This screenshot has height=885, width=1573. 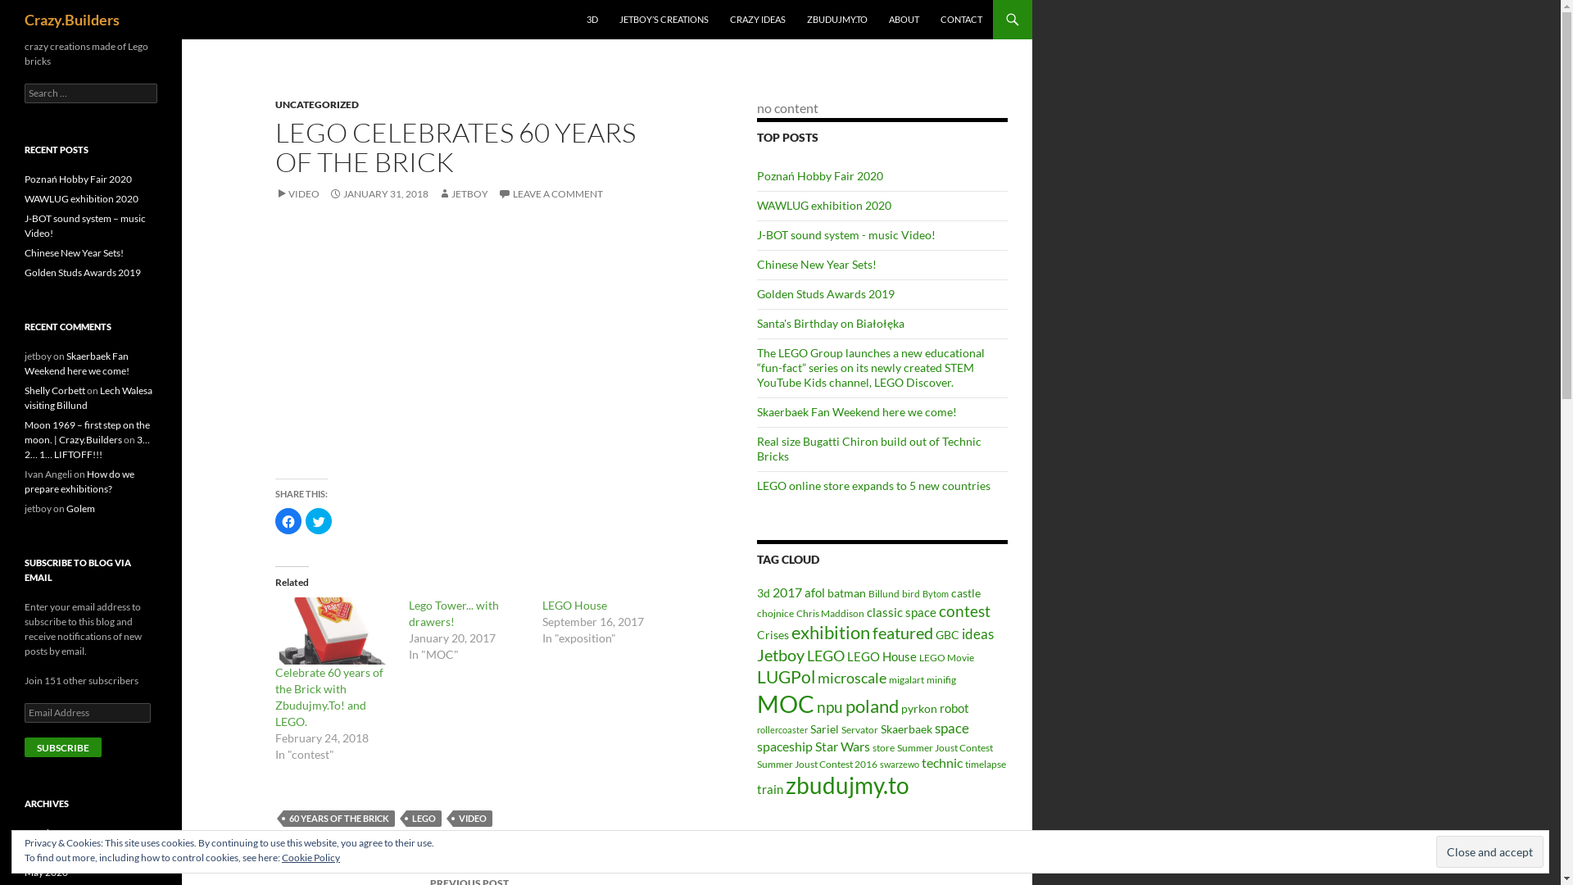 What do you see at coordinates (88, 397) in the screenshot?
I see `'Lech Walesa visiting Billund'` at bounding box center [88, 397].